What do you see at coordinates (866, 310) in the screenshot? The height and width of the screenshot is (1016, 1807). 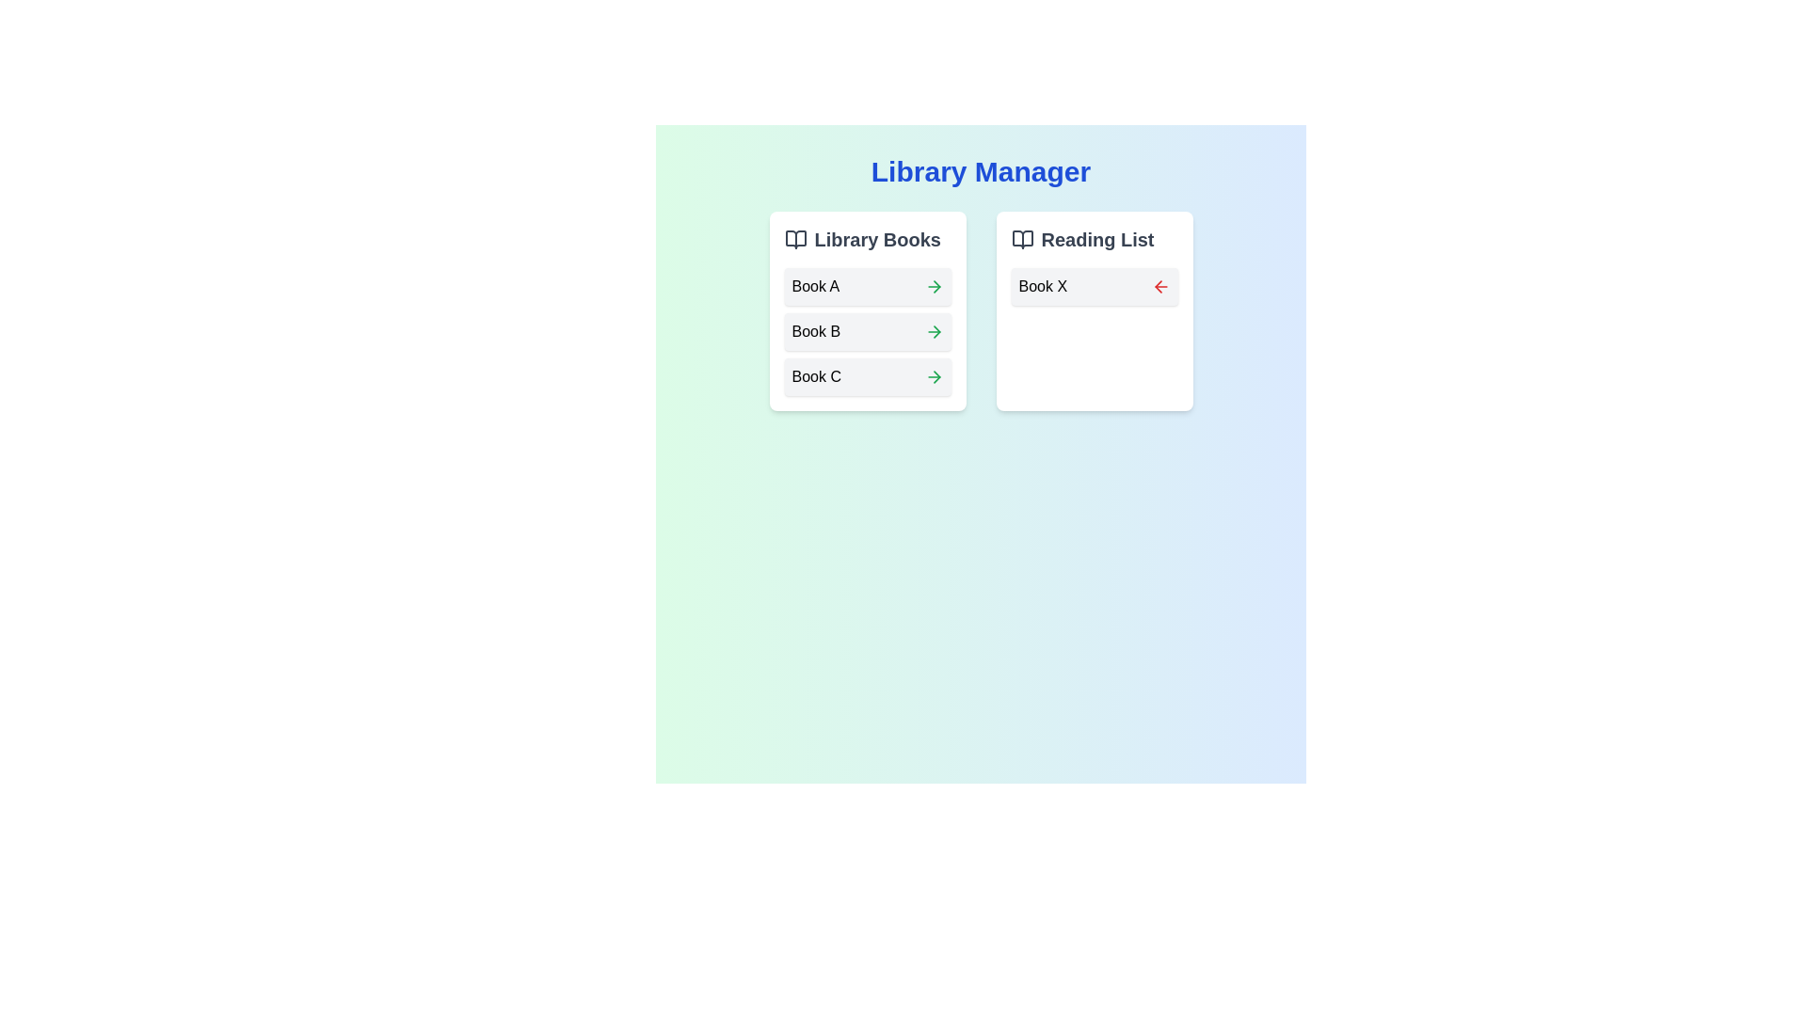 I see `the book titles in the 'Library Books' card, which features a white background and rounded corners, containing the titles 'Book A', 'Book B', and 'Book C'` at bounding box center [866, 310].